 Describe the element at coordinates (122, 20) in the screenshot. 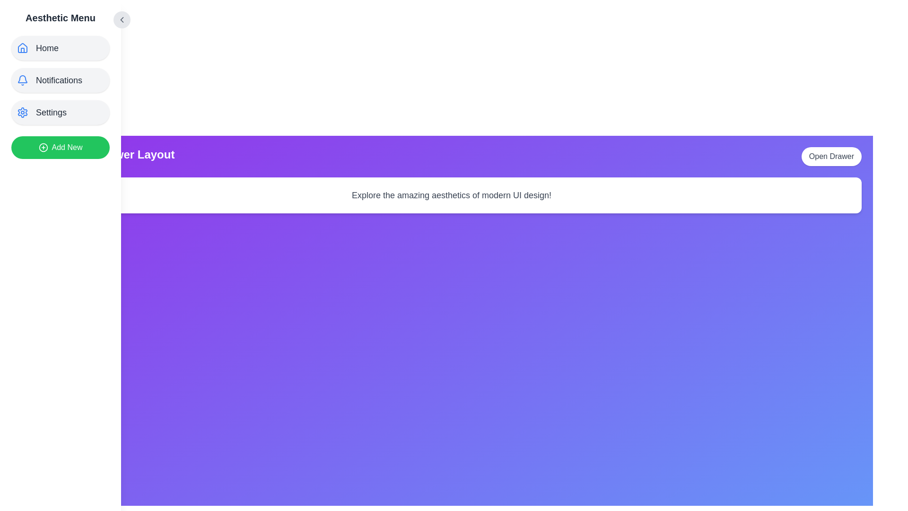

I see `the circular button with a gray background and a left-facing arrow icon located at the top-right corner of the 'Aesthetic Menu' sidebar` at that location.